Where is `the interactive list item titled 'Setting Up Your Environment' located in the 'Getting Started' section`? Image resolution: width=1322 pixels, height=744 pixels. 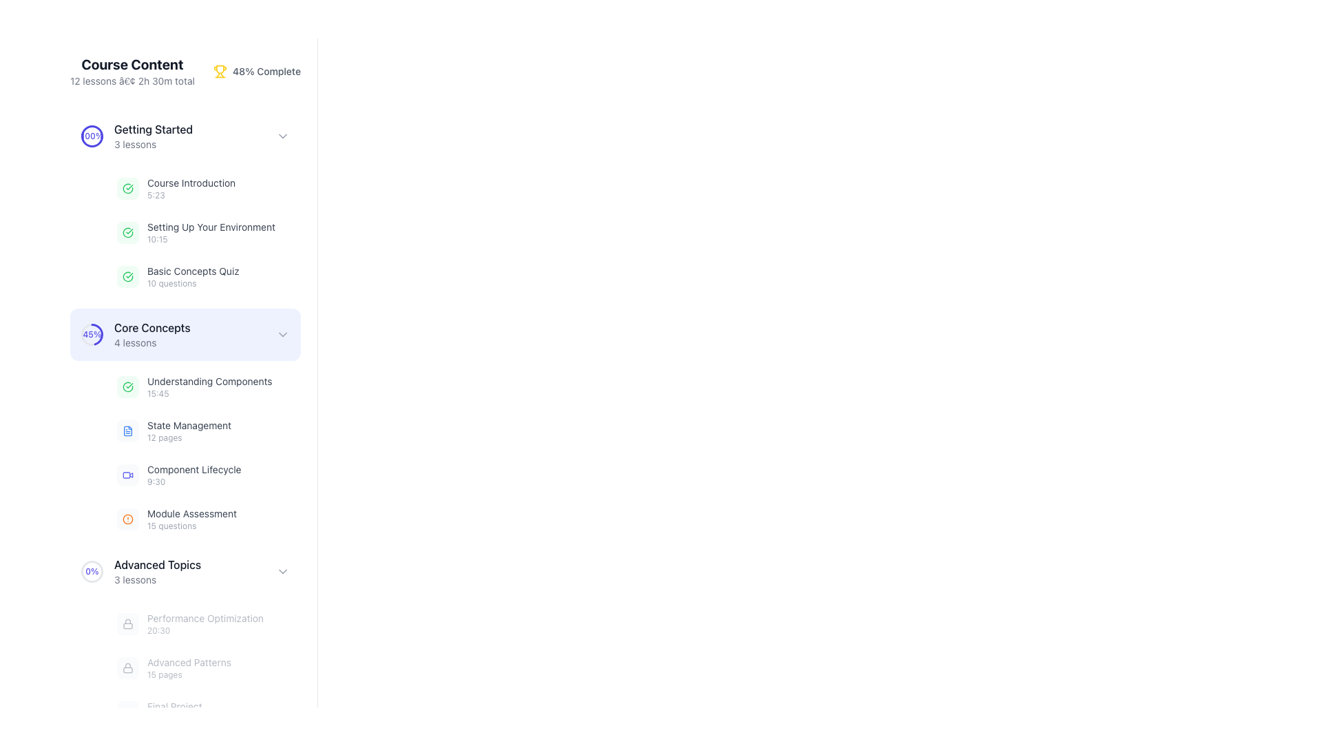
the interactive list item titled 'Setting Up Your Environment' located in the 'Getting Started' section is located at coordinates (185, 232).